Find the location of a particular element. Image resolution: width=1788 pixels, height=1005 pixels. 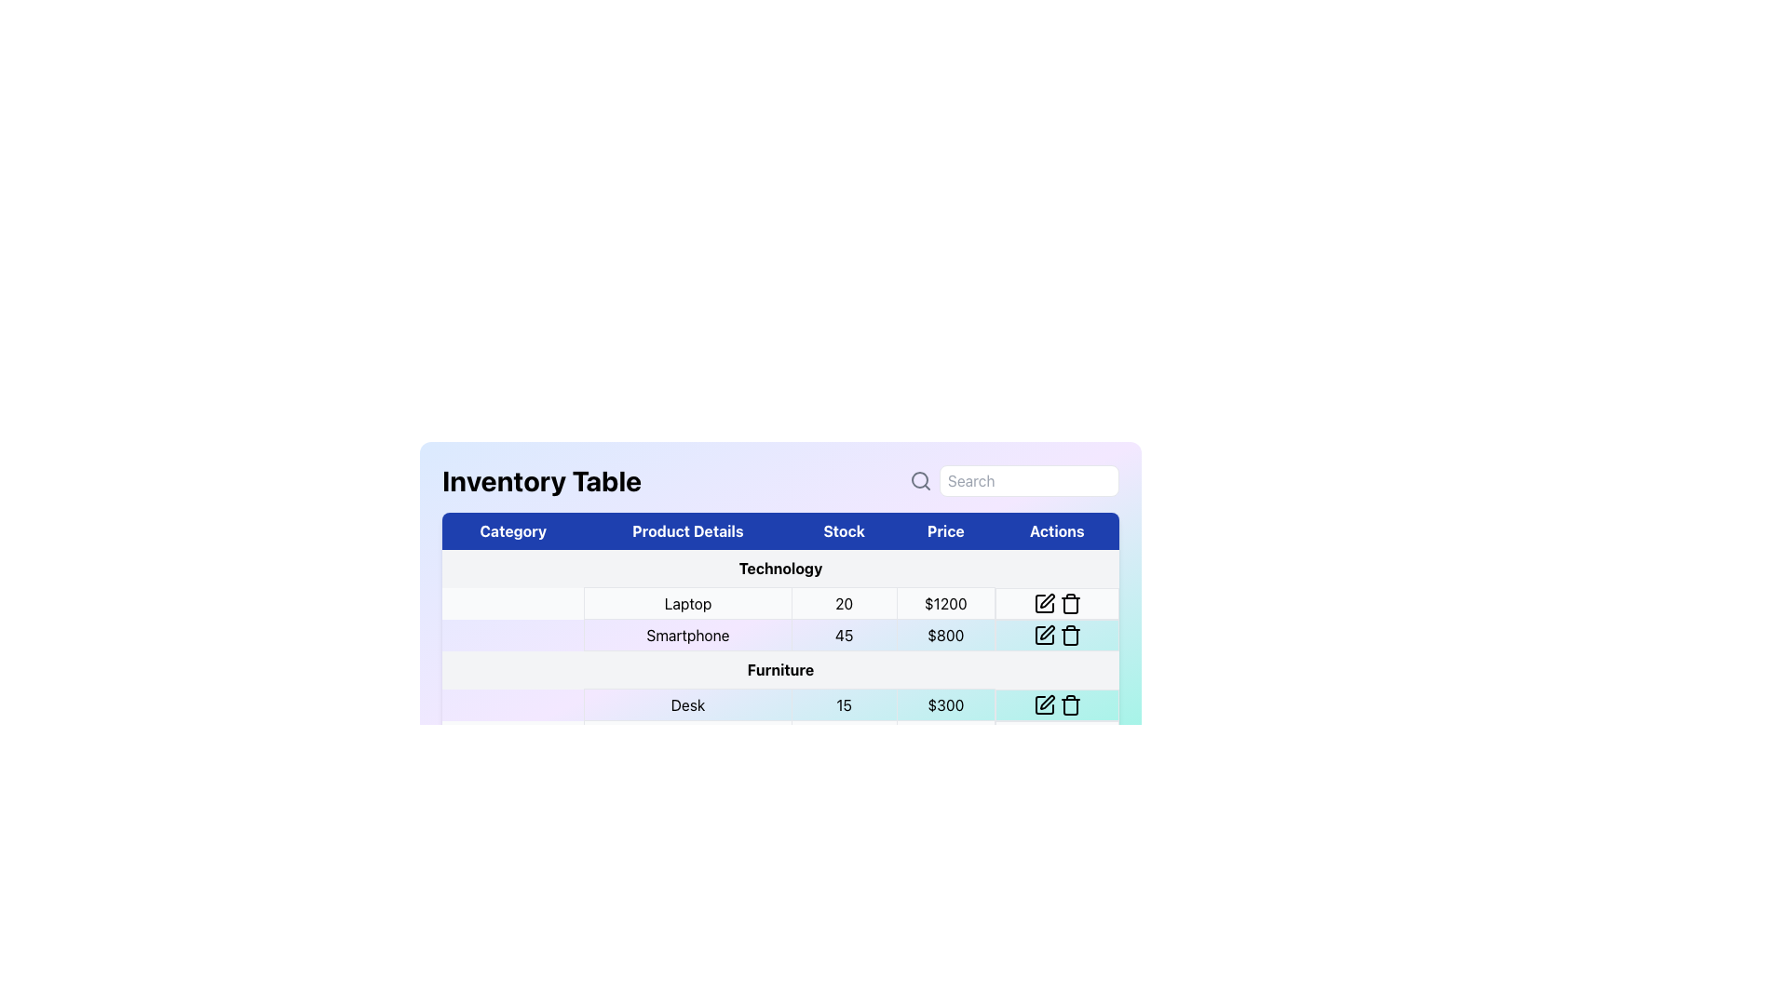

the Cell element in the data table that displays the category for 'Laptop', located at the first row and first column of the table is located at coordinates (513, 603).